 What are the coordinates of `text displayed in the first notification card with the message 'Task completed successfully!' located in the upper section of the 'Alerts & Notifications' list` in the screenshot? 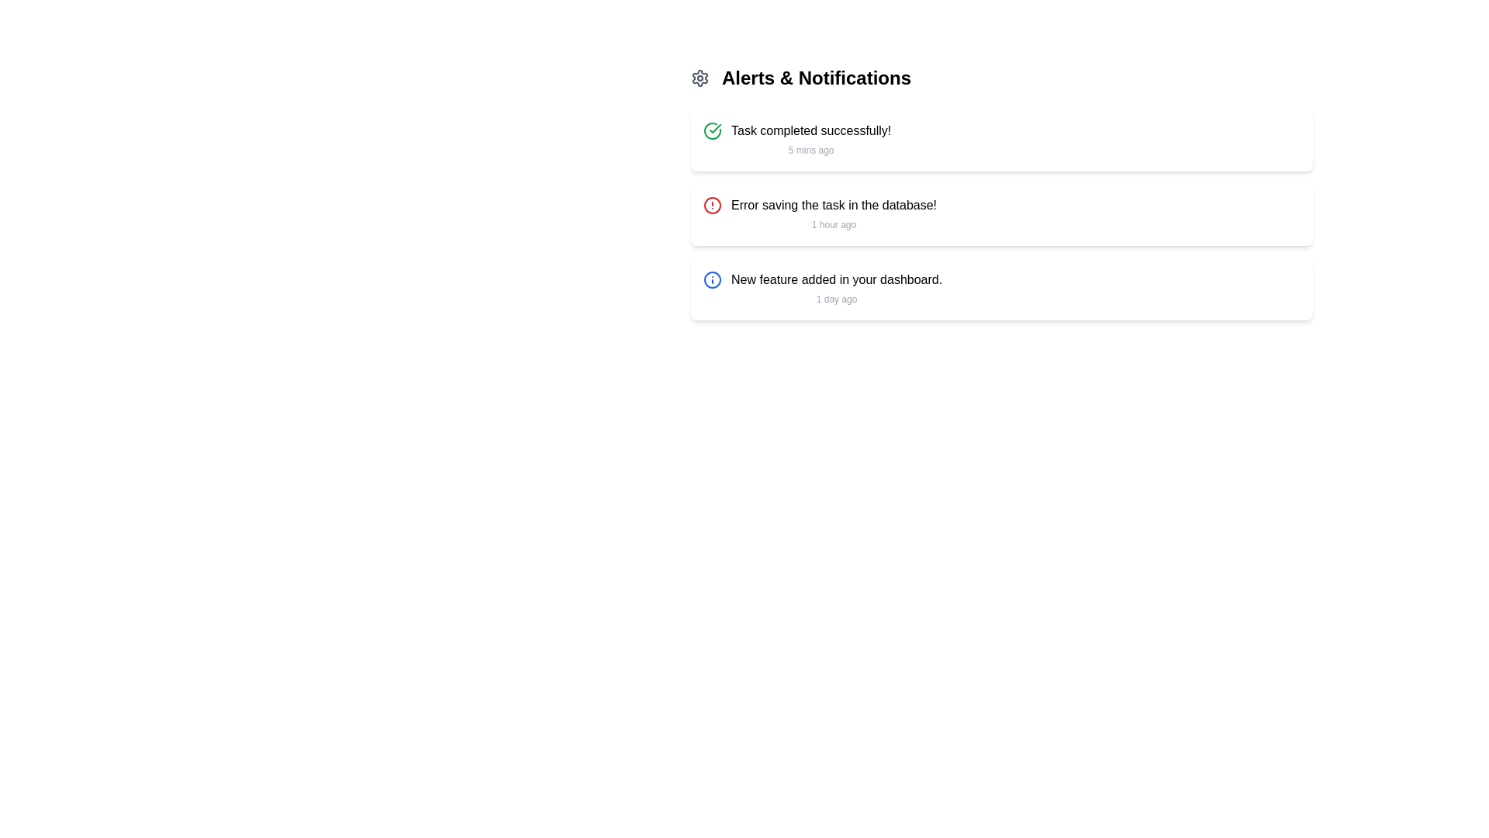 It's located at (810, 130).